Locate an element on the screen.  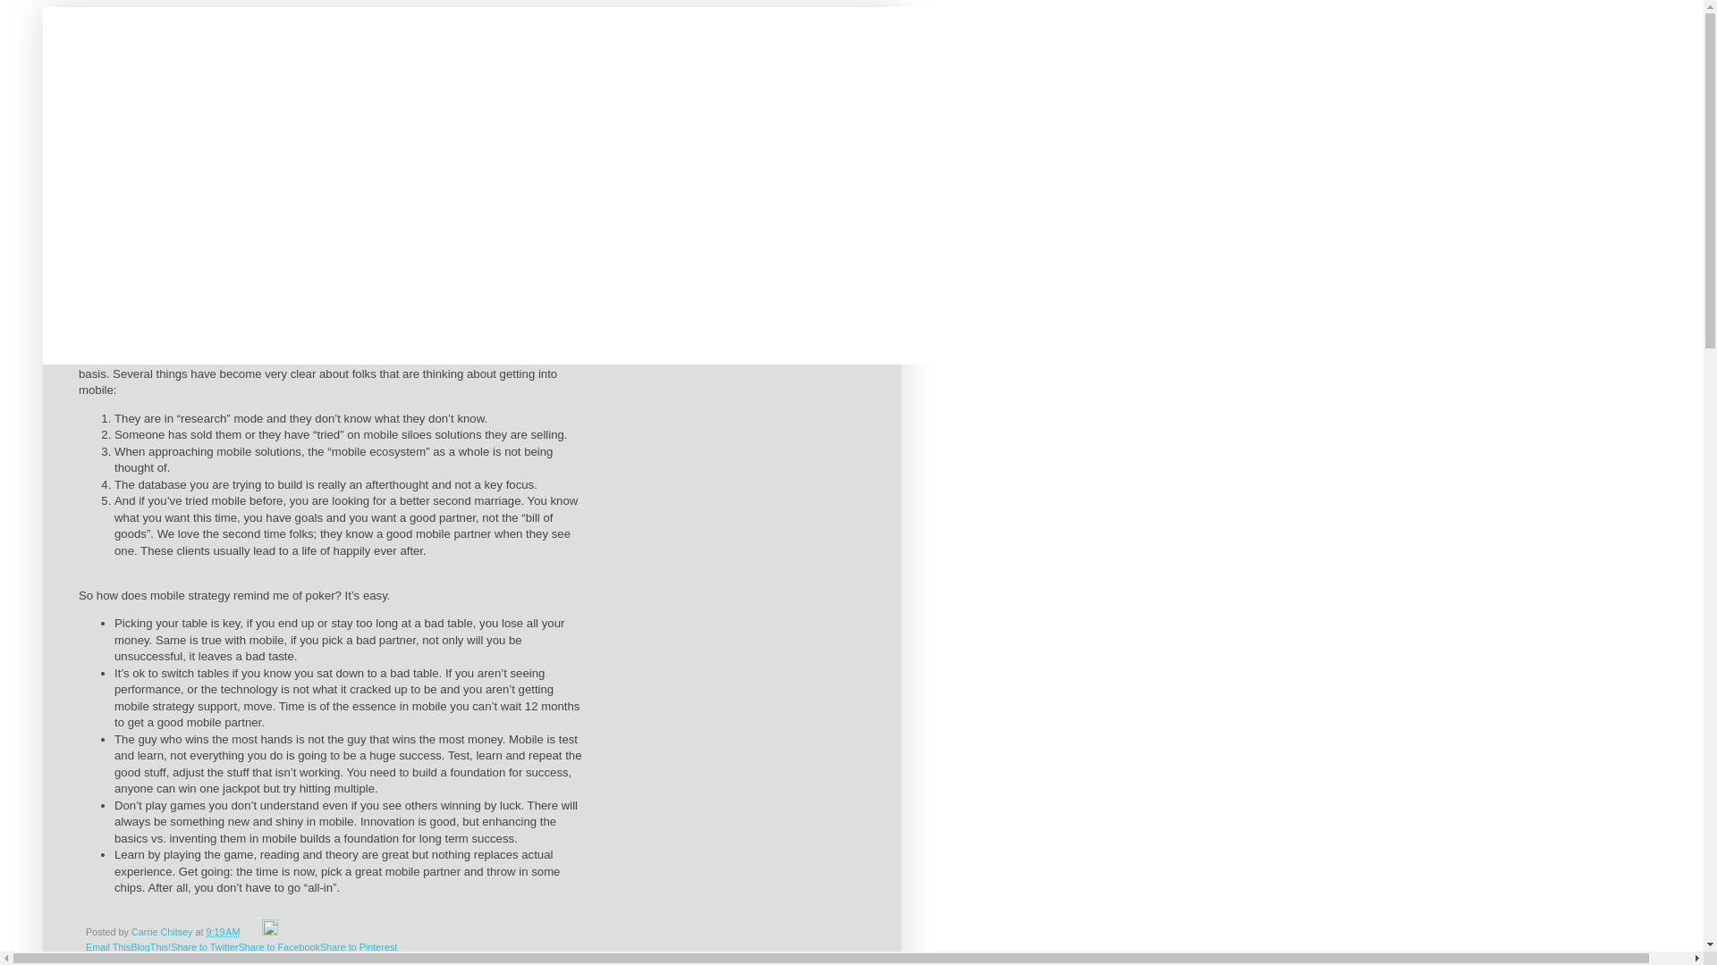
'Carrie Chitsey' is located at coordinates (131, 930).